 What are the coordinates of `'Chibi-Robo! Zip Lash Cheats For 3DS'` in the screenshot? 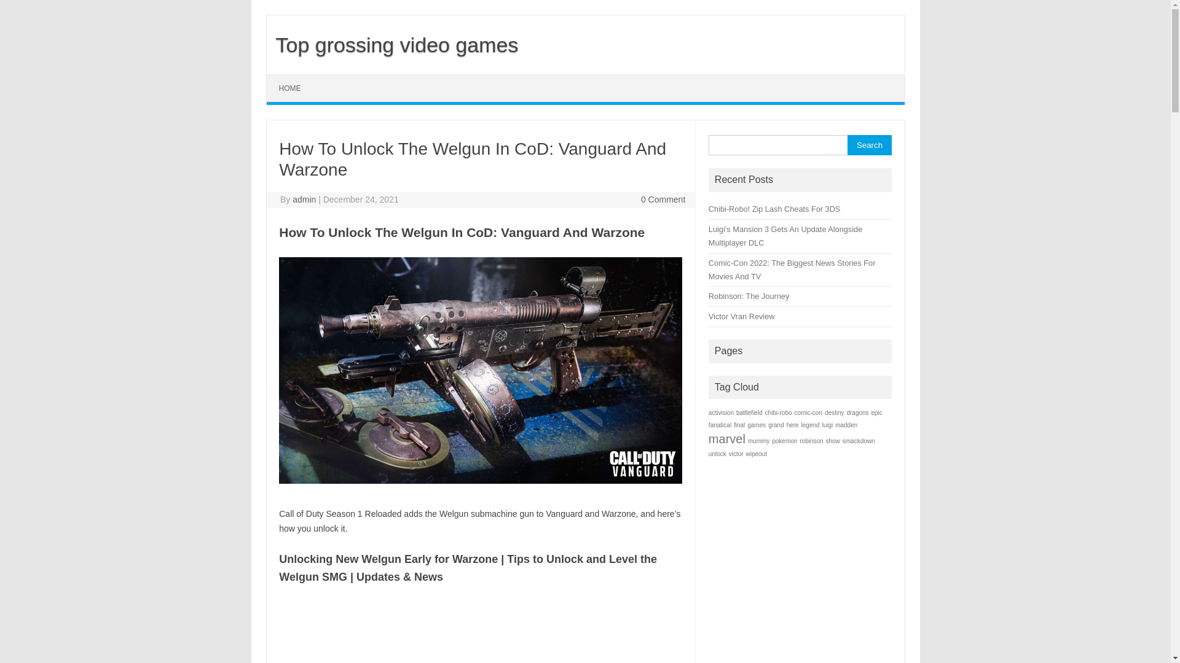 It's located at (773, 208).